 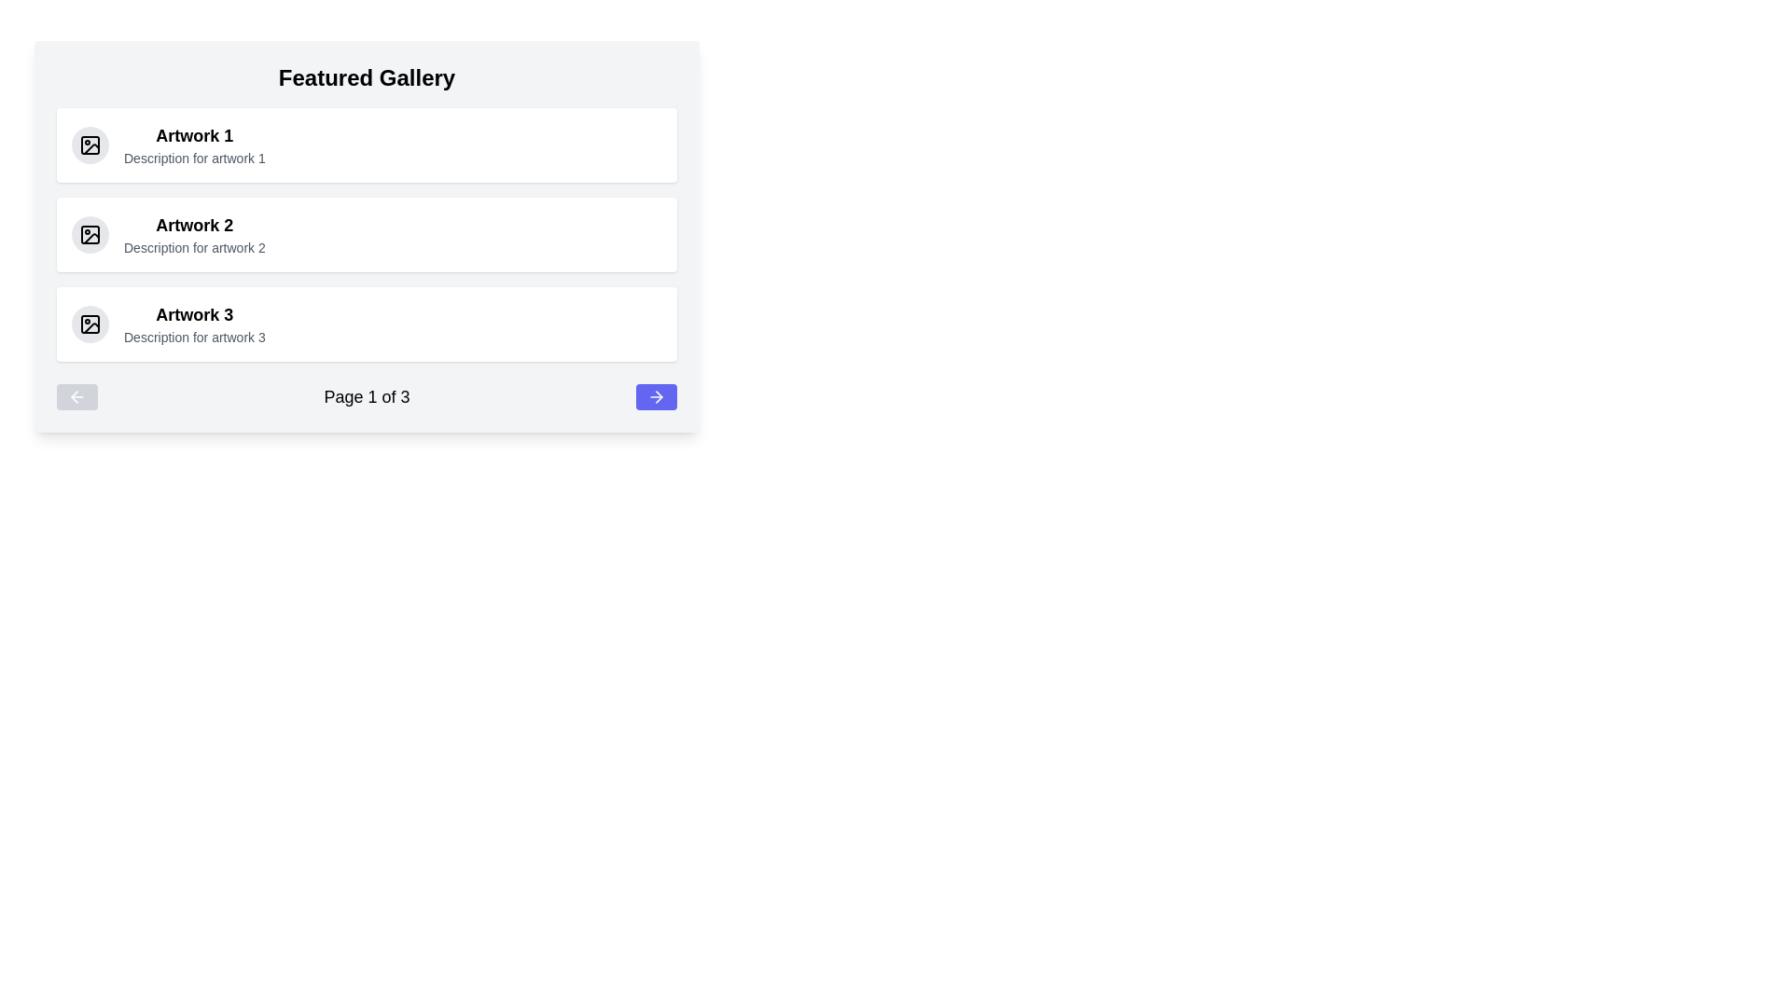 I want to click on the small, right-pointing arrow icon inside the blue rectangular button located to the right of the pagination controls at the bottom of the Featured Gallery section, so click(x=659, y=395).